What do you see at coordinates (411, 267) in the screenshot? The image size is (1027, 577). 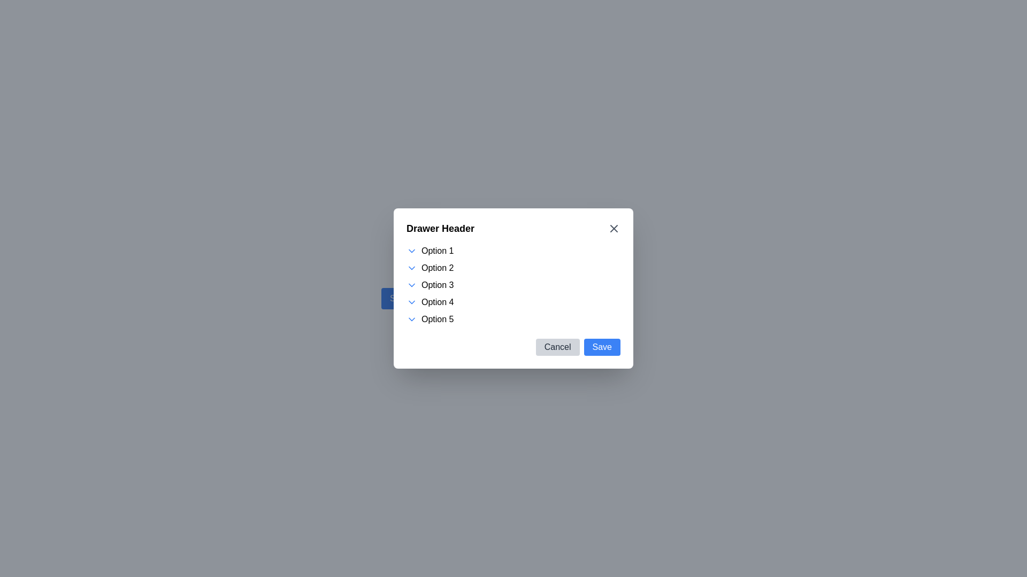 I see `the downward-facing chevron icon located to the left of 'Option 2'` at bounding box center [411, 267].